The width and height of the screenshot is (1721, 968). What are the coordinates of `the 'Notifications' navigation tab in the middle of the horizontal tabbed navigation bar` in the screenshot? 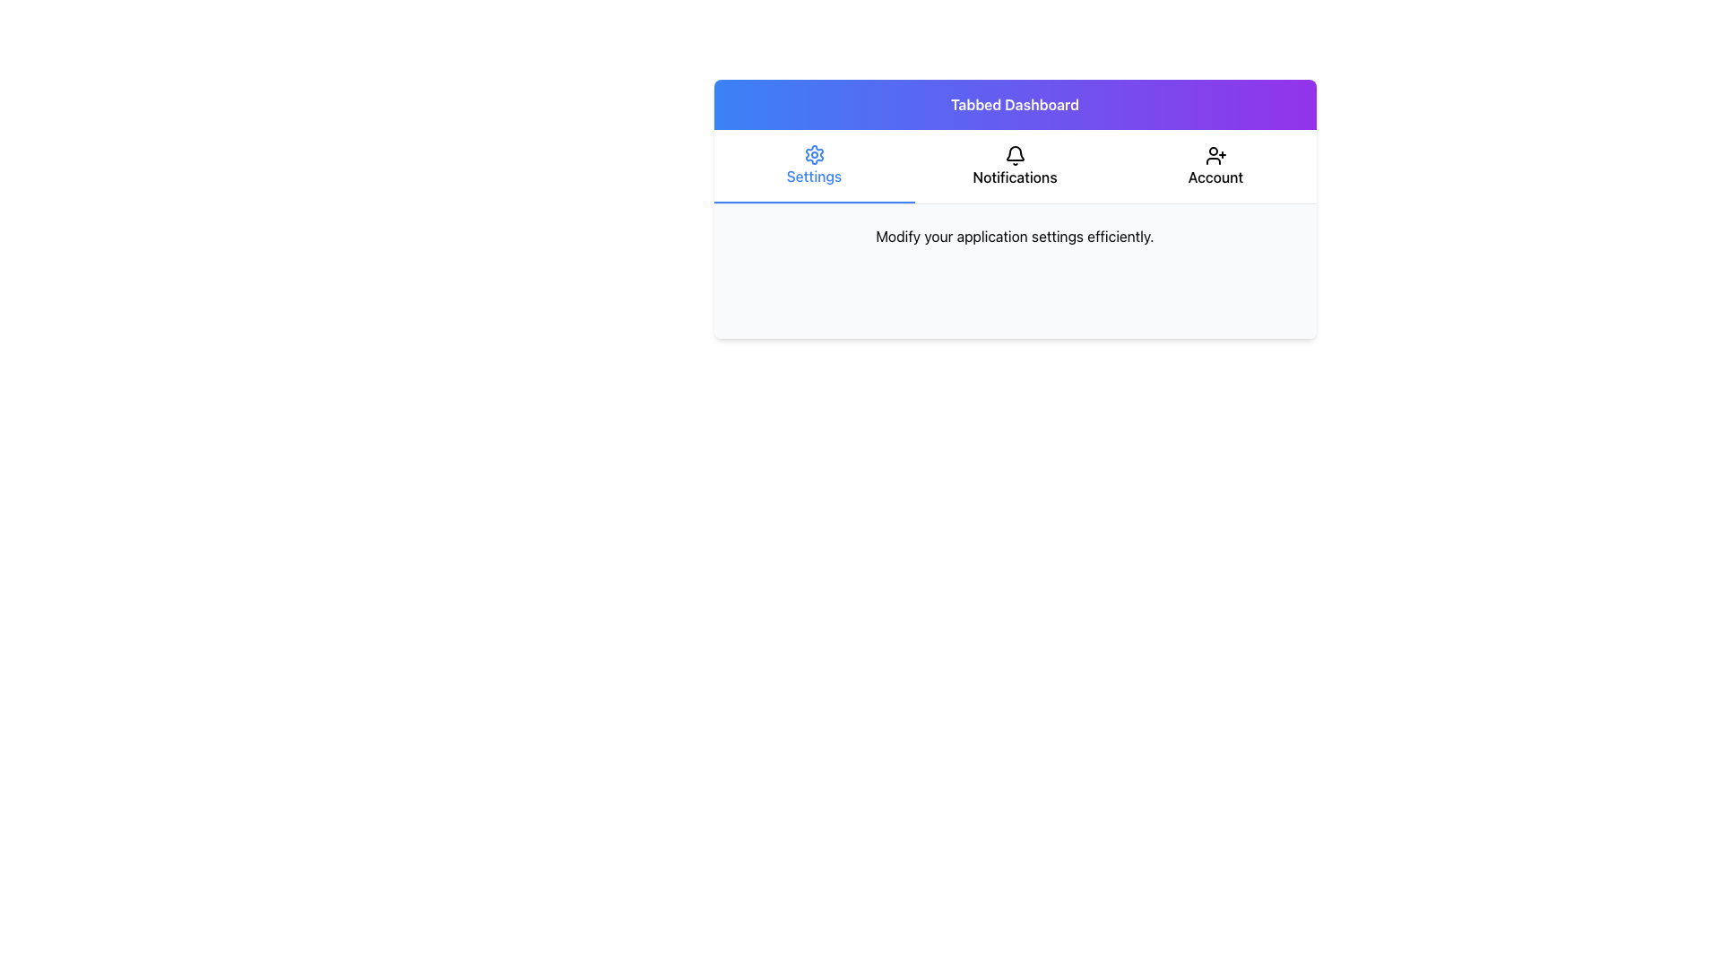 It's located at (1015, 166).